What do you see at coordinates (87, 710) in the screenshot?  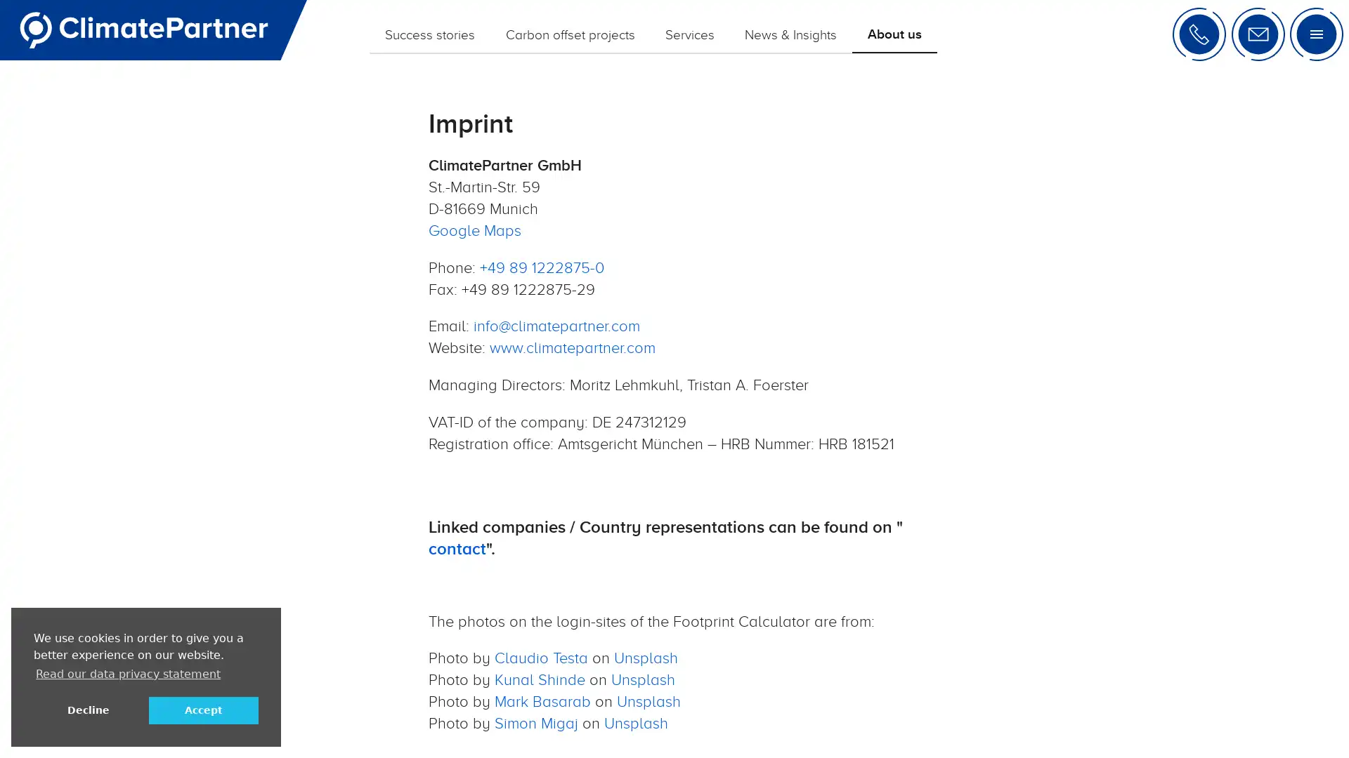 I see `deny cookies` at bounding box center [87, 710].